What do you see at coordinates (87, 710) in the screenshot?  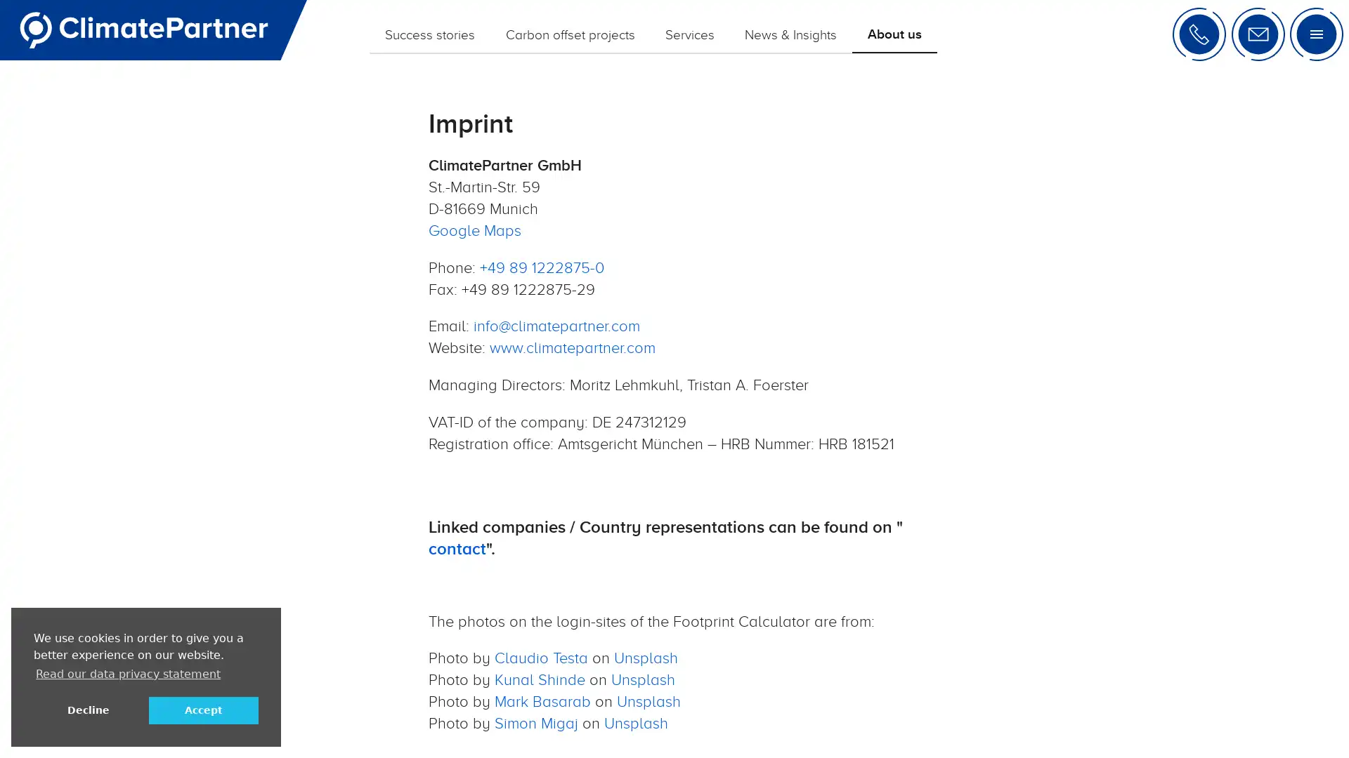 I see `deny cookies` at bounding box center [87, 710].